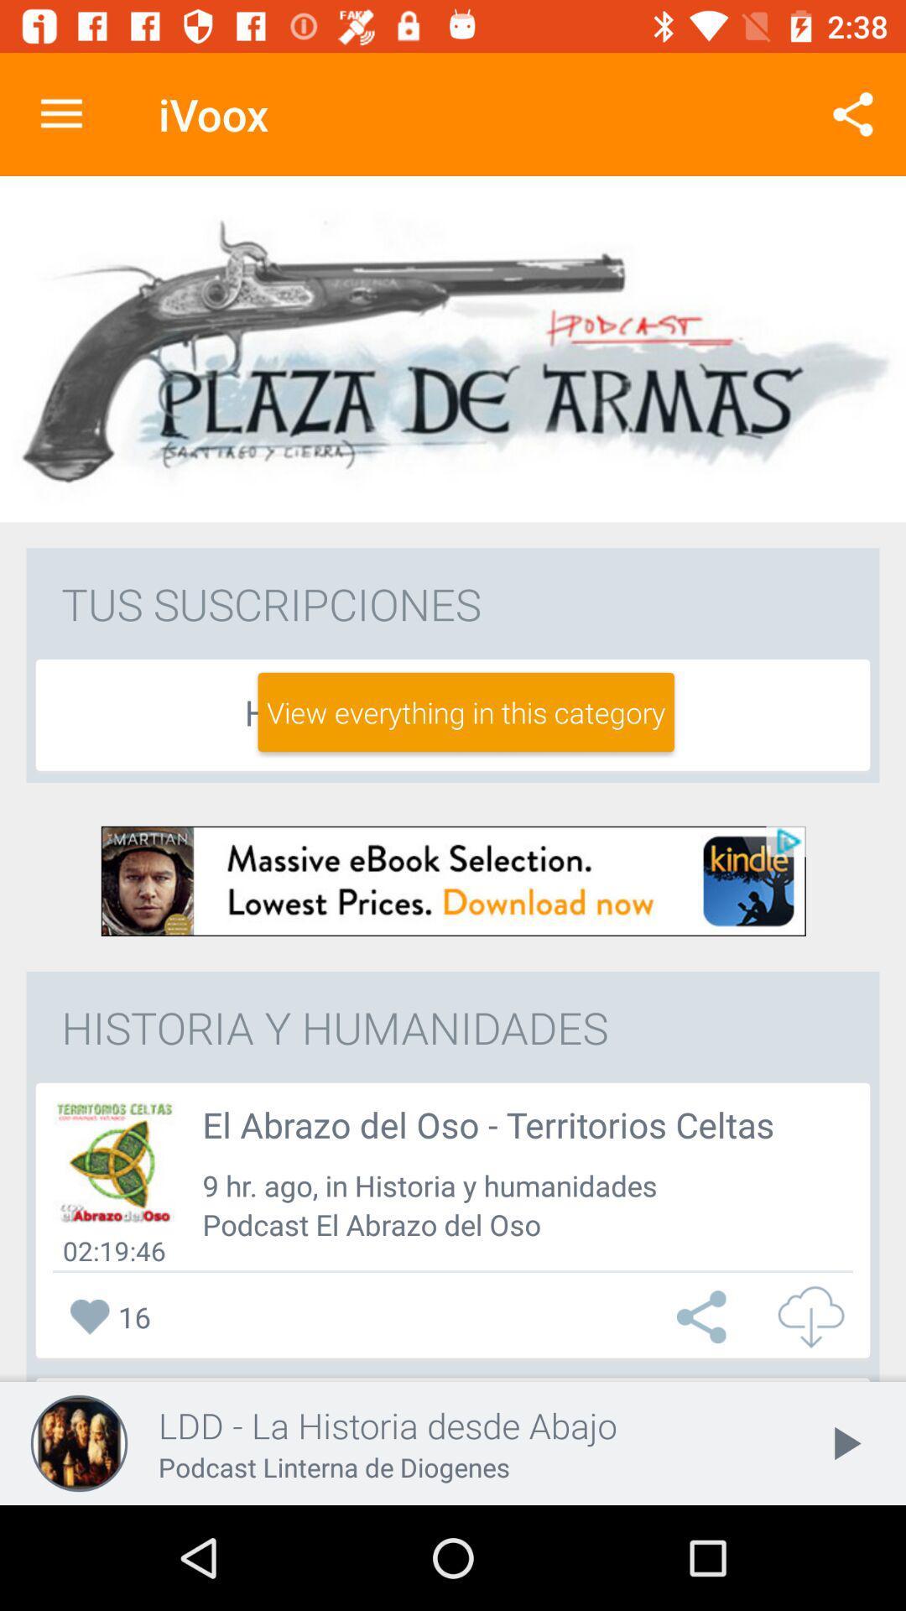 The image size is (906, 1611). I want to click on share the article, so click(706, 1316).